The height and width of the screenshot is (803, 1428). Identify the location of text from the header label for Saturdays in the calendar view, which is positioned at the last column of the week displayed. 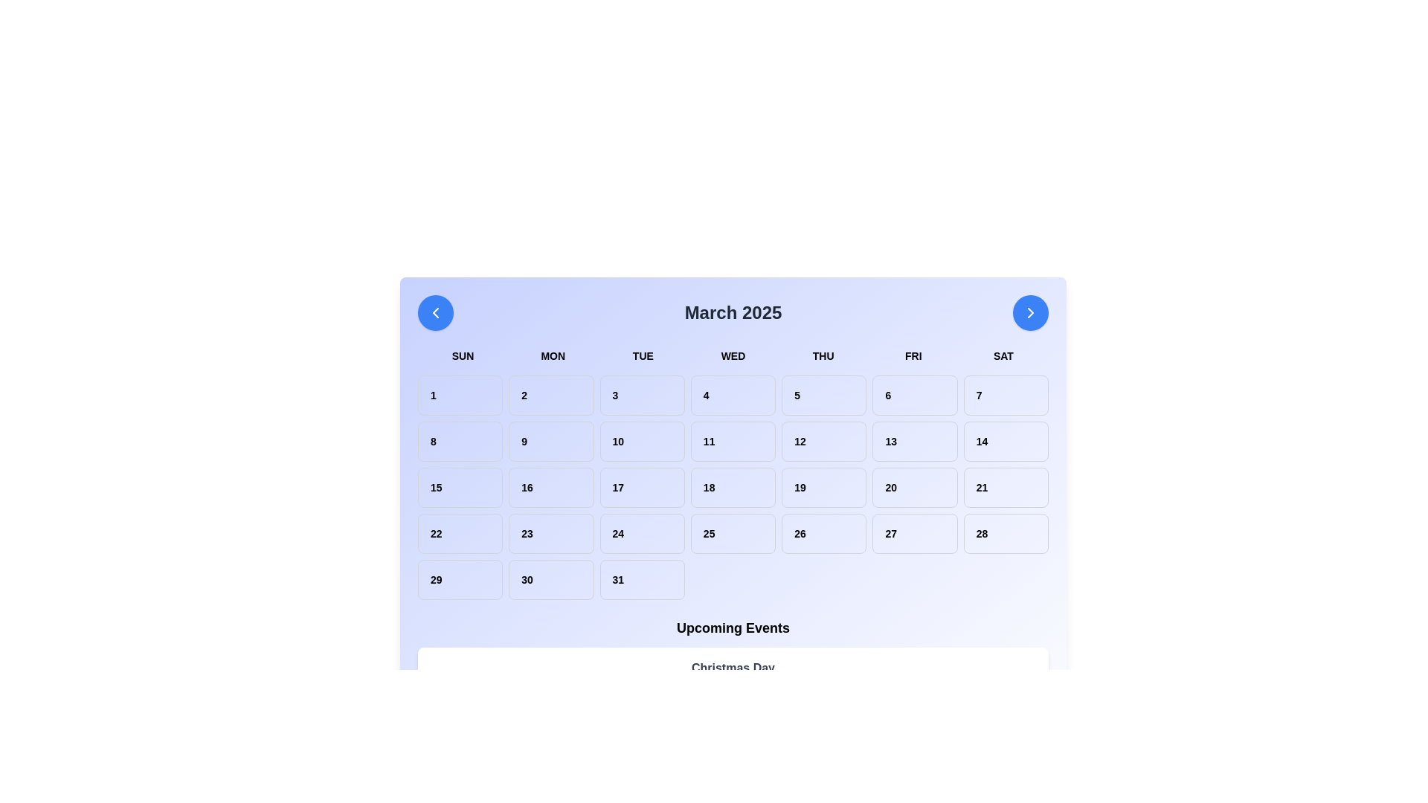
(1003, 355).